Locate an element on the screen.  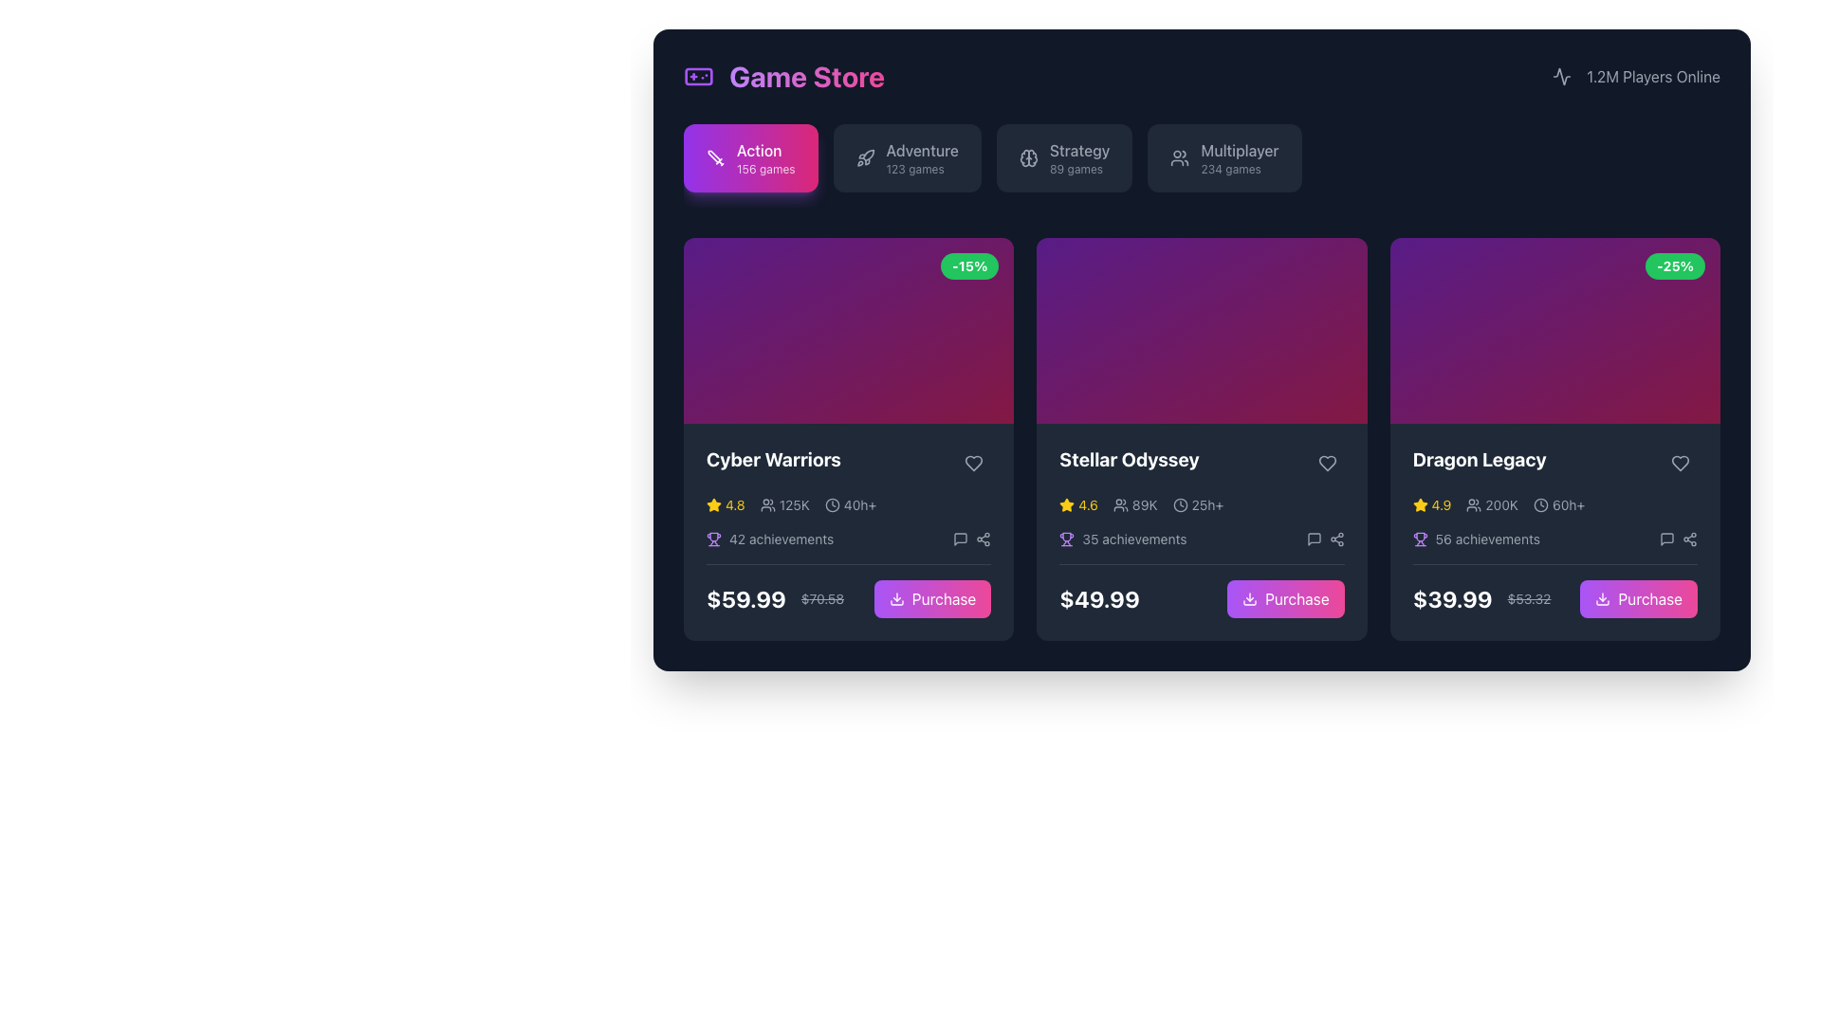
the yellow numeric text label '4.9' indicating the rating score, which is located adjacent to a yellow star icon on the 'Dragon Legacy' game card in the 'Game Store' grid is located at coordinates (1441, 503).